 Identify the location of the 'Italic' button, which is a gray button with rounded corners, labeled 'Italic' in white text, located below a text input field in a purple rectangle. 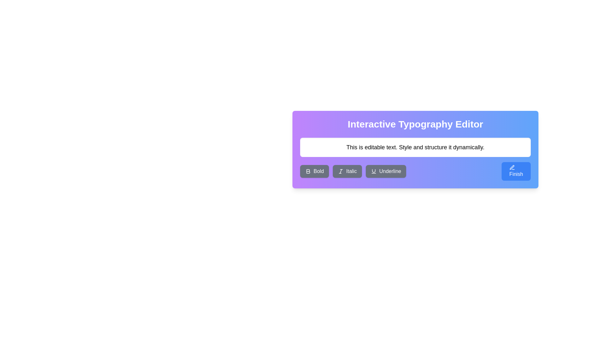
(353, 171).